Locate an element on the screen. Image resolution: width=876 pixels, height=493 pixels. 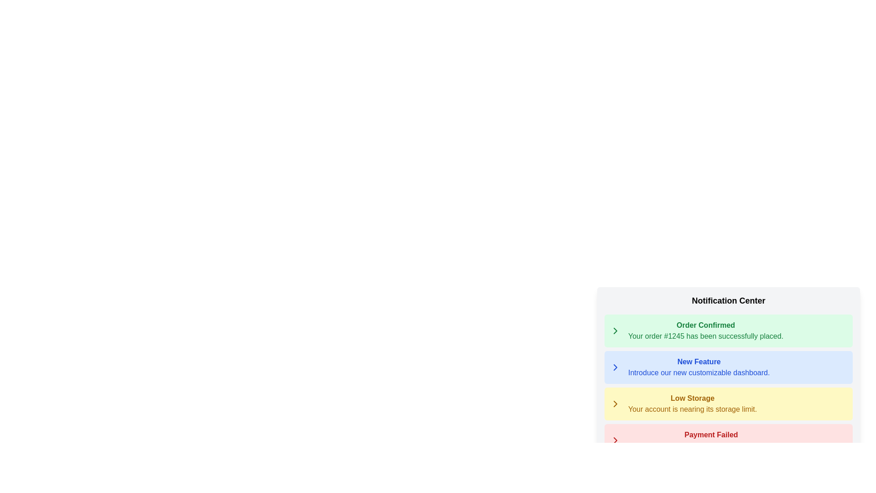
informational text of the Notification Block with the title 'Low Storage' and the description 'Your account is nearing its storage limit.' is located at coordinates (728, 403).